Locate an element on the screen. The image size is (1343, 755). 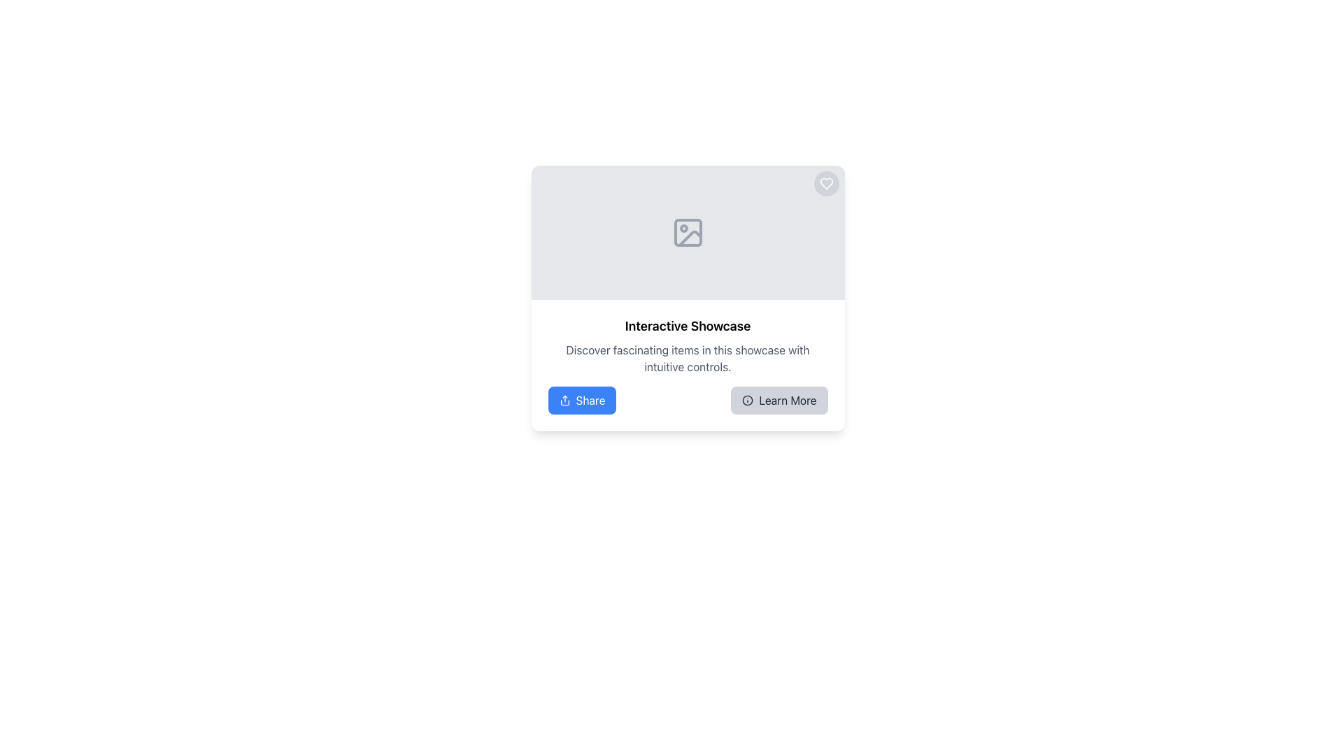
the curved line representing a portion of an abstract image icon located at the base area of the SVG icon within the gray-colored image placeholder is located at coordinates (690, 238).